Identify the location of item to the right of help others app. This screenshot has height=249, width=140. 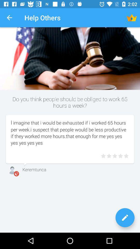
(132, 18).